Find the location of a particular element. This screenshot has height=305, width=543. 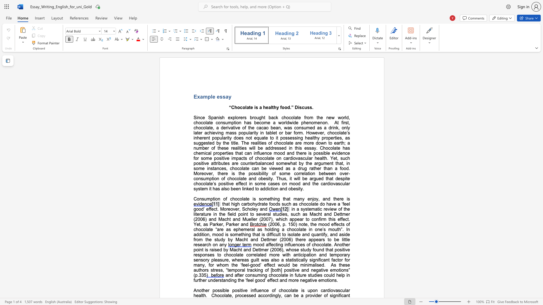

the subset text "er (2006) and Macht and Mu" within the text "in a systematic review of the literature in the field point to several studies, such as Macht and Dettmer (2006) and Macht and Mueller (2007), which" is located at coordinates (346, 214).